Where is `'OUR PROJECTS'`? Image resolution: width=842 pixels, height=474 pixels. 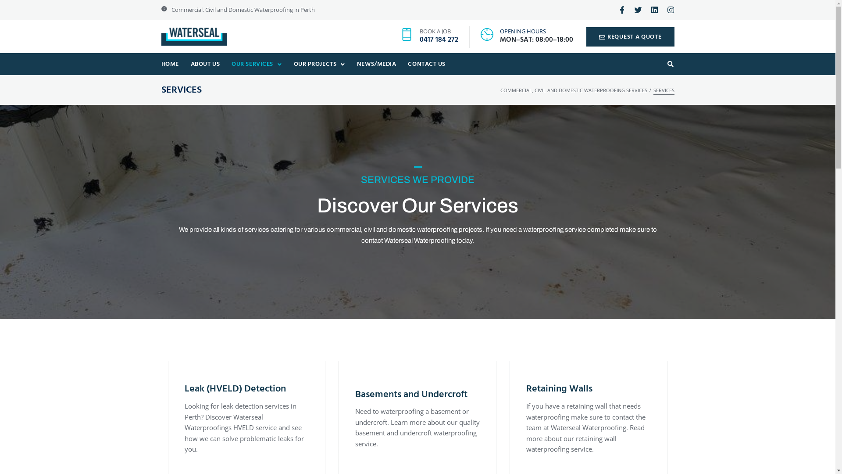
'OUR PROJECTS' is located at coordinates (319, 64).